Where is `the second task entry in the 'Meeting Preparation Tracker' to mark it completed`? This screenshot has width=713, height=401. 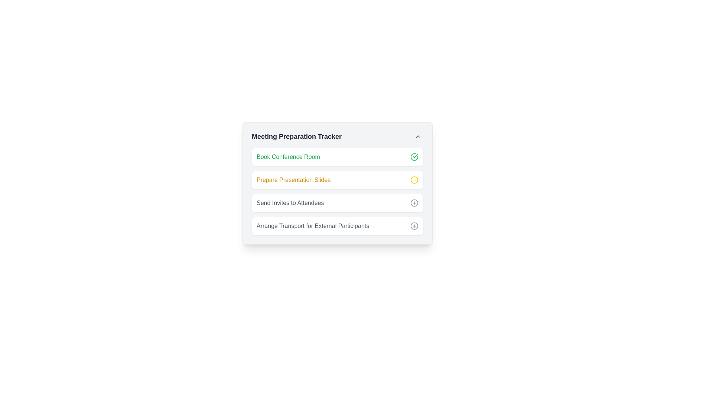 the second task entry in the 'Meeting Preparation Tracker' to mark it completed is located at coordinates (337, 180).